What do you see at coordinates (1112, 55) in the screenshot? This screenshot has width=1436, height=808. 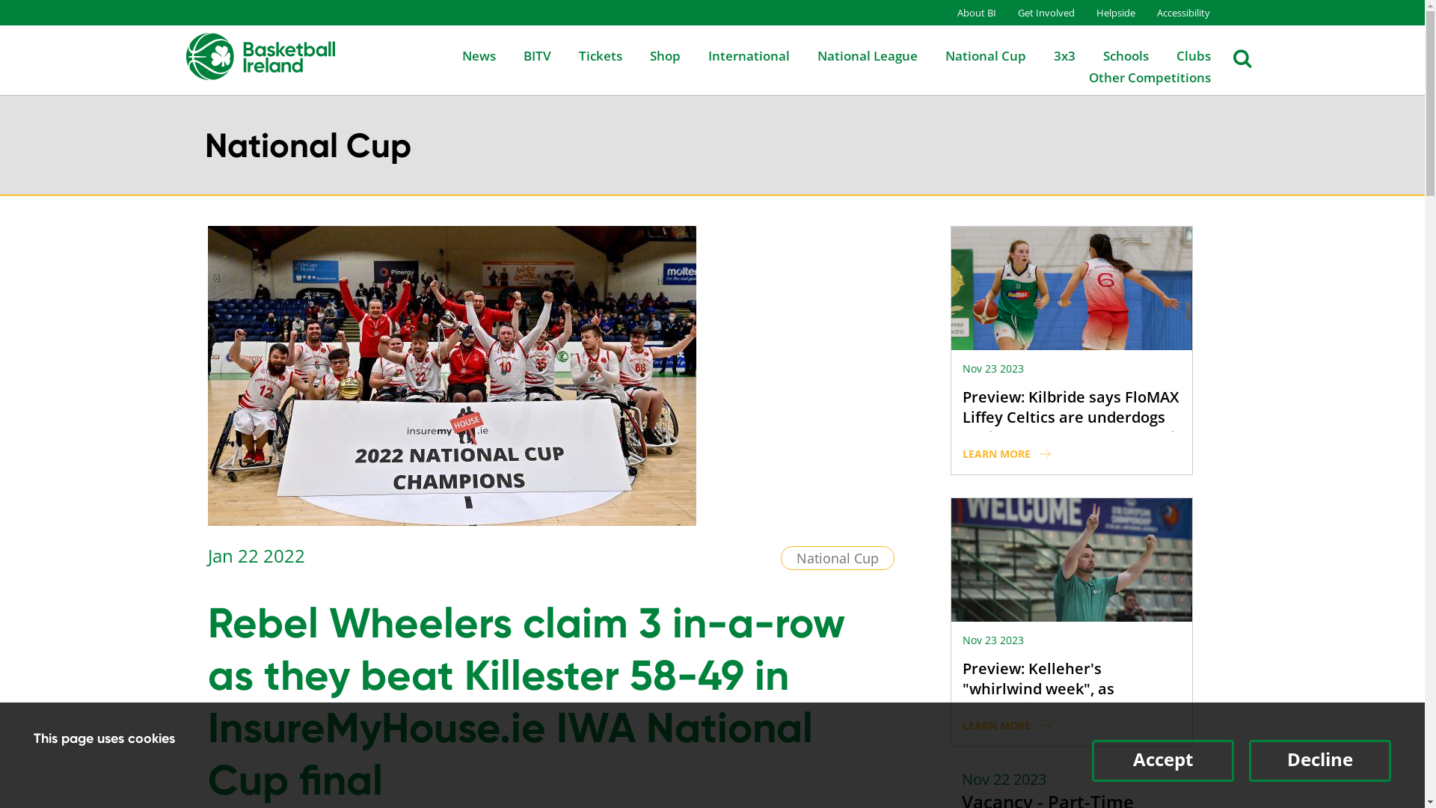 I see `'Schools'` at bounding box center [1112, 55].